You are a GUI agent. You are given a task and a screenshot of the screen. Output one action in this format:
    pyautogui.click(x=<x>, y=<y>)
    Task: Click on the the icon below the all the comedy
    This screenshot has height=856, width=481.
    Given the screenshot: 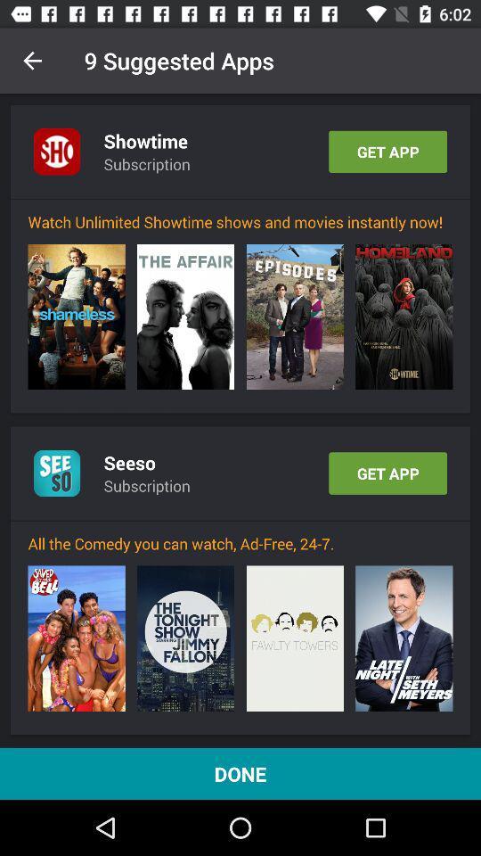 What is the action you would take?
    pyautogui.click(x=184, y=638)
    